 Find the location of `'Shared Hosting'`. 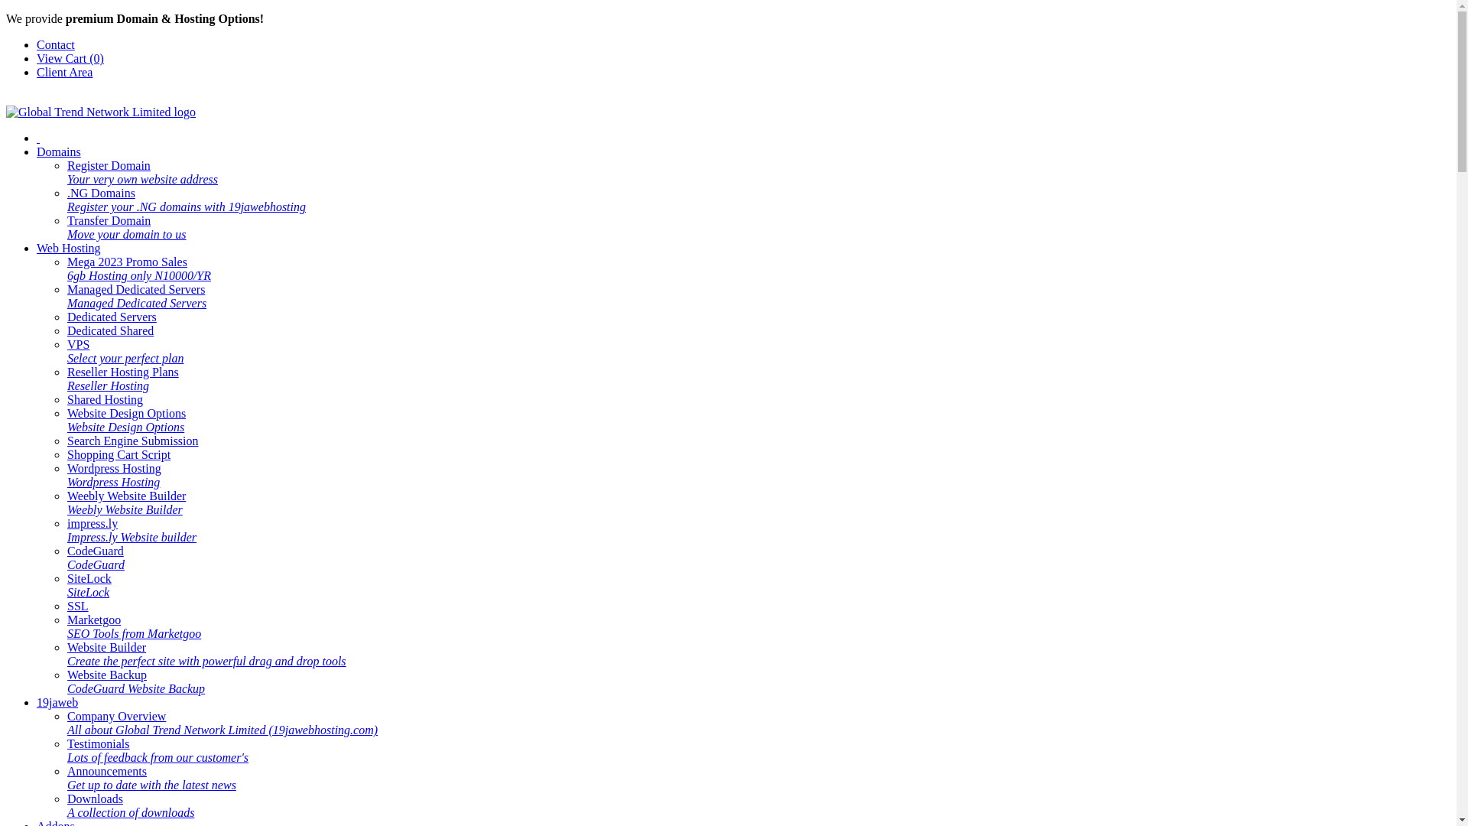

'Shared Hosting' is located at coordinates (104, 398).